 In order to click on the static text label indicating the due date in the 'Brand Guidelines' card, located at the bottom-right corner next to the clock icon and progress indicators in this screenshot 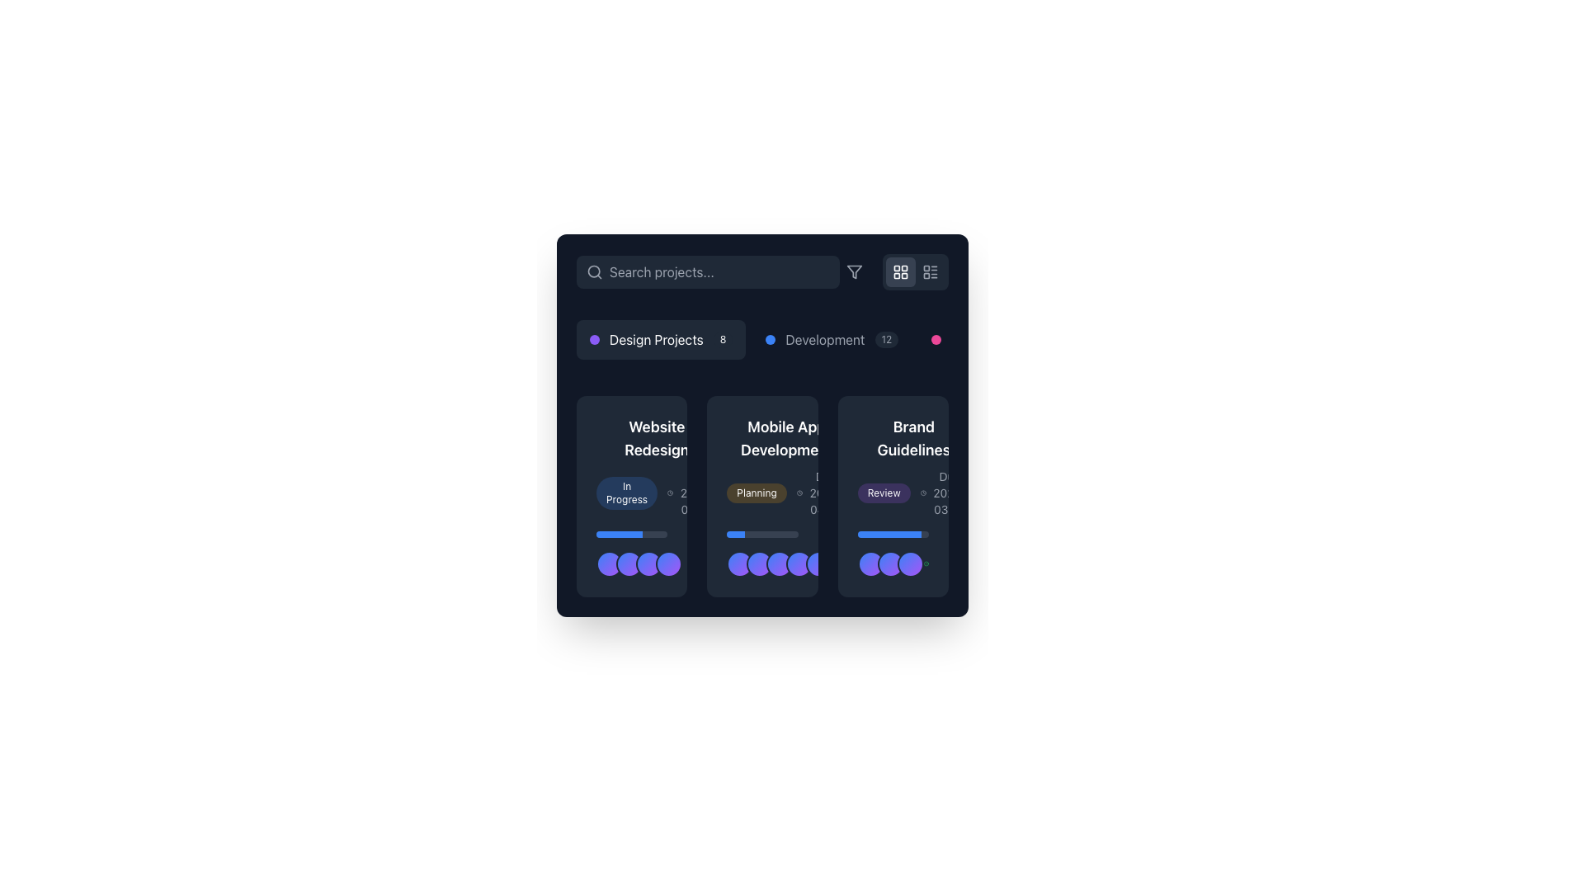, I will do `click(950, 492)`.